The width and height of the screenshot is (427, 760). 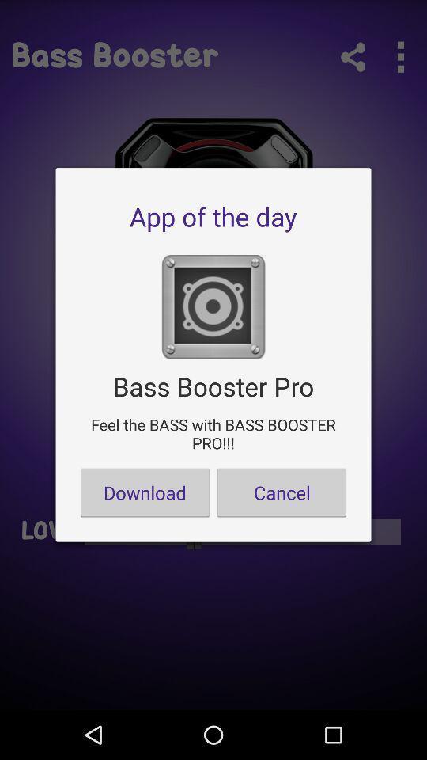 I want to click on the download item, so click(x=145, y=492).